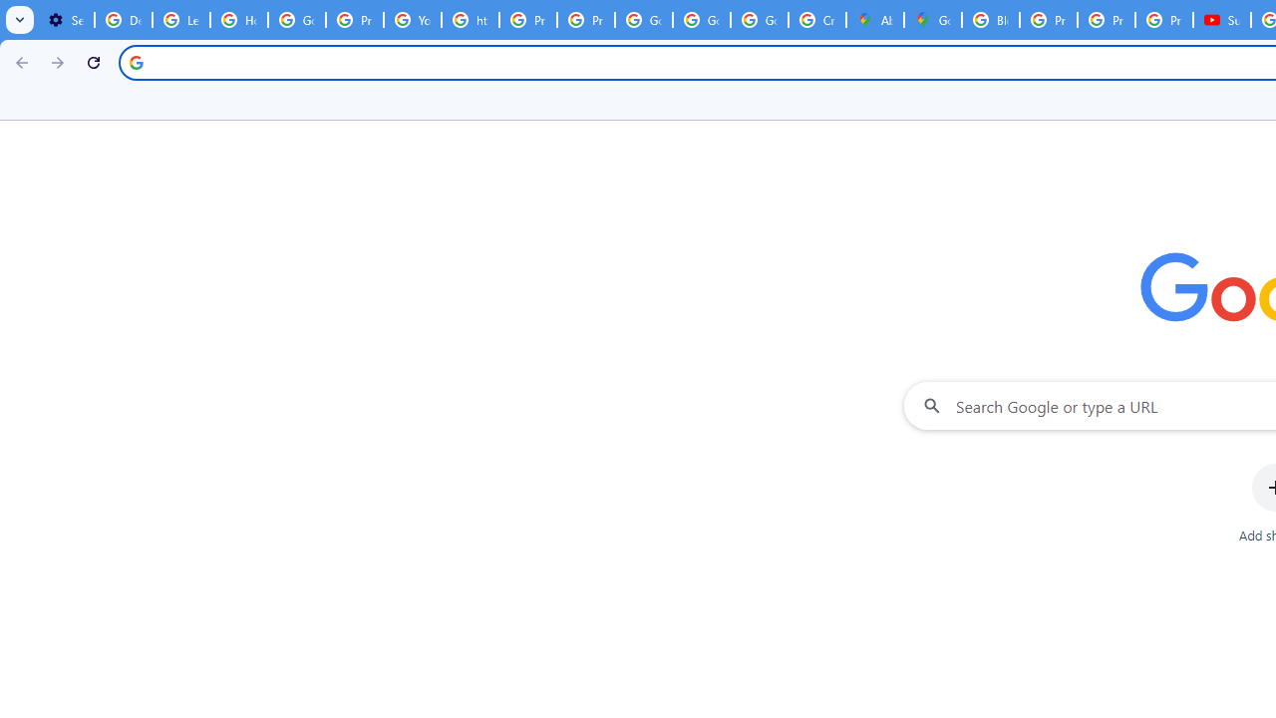 Image resolution: width=1276 pixels, height=718 pixels. I want to click on 'Learn how to find your photos - Google Photos Help', so click(180, 20).